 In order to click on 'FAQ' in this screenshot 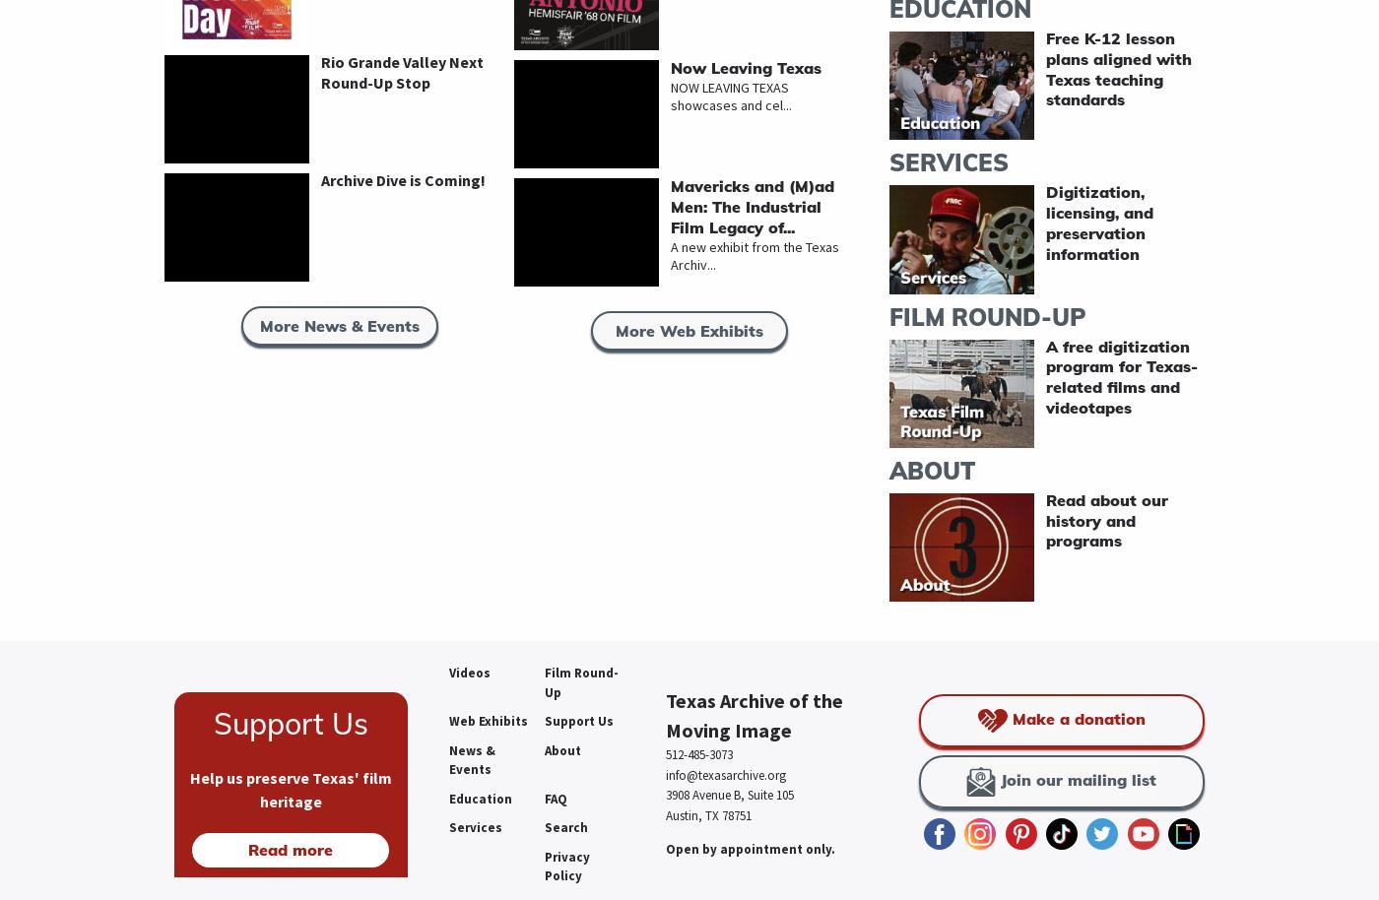, I will do `click(555, 797)`.